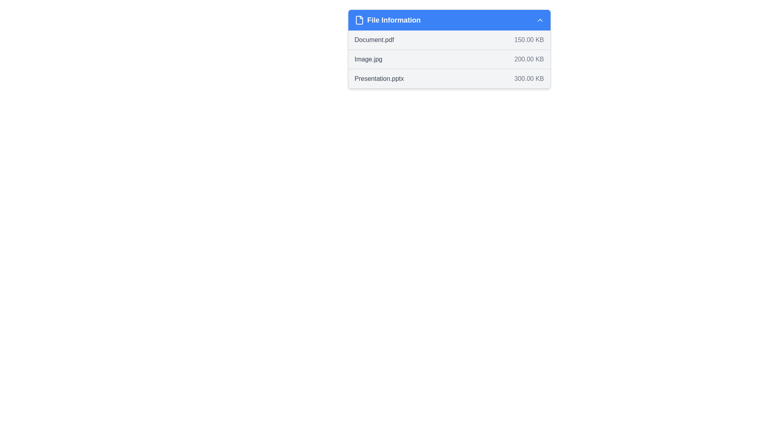  What do you see at coordinates (529, 40) in the screenshot?
I see `the informational text label displaying the file size of 'Document.pdf', located at the far-right end of its corresponding row` at bounding box center [529, 40].